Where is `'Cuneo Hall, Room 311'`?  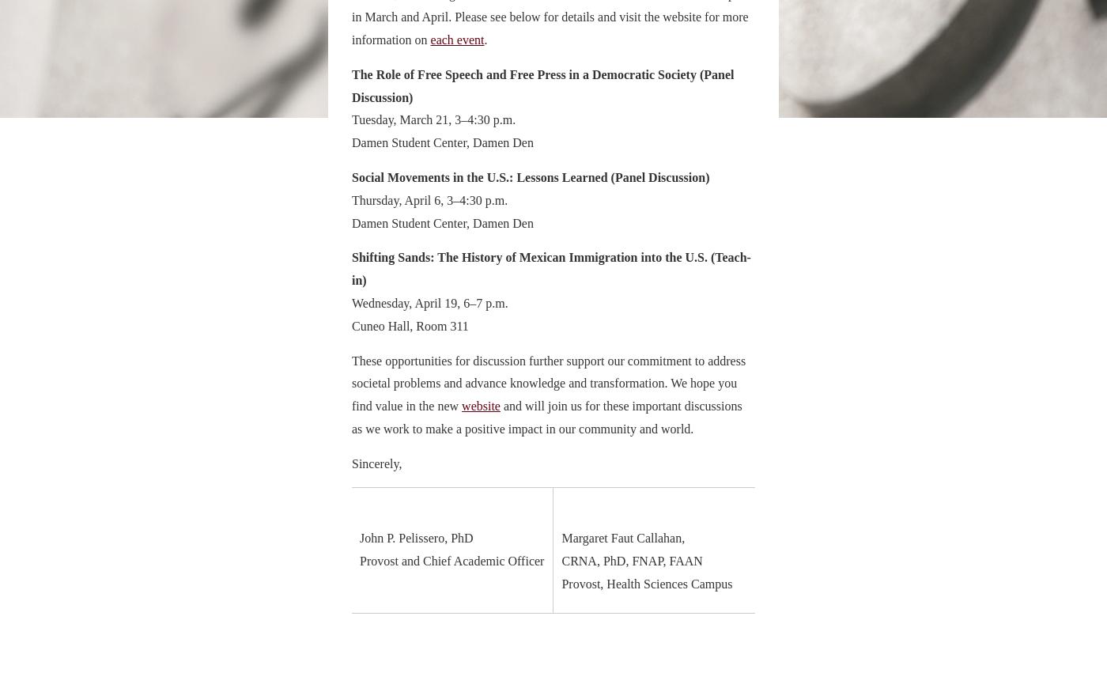
'Cuneo Hall, Room 311' is located at coordinates (410, 324).